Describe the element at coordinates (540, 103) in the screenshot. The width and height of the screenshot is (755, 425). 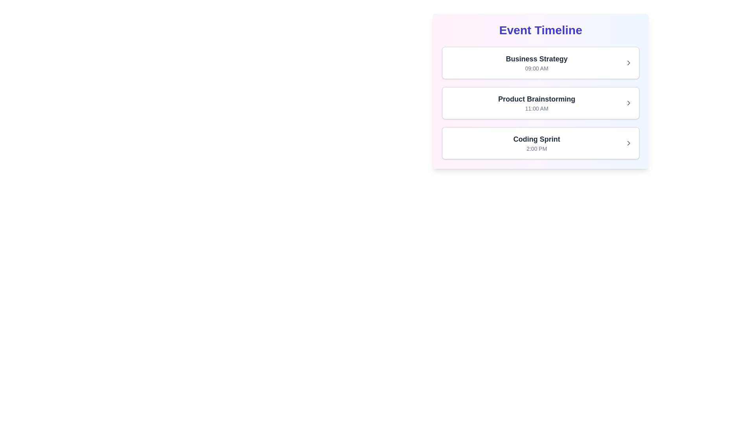
I see `the 'Product Brainstorming' card in the 'Event Timeline' section` at that location.